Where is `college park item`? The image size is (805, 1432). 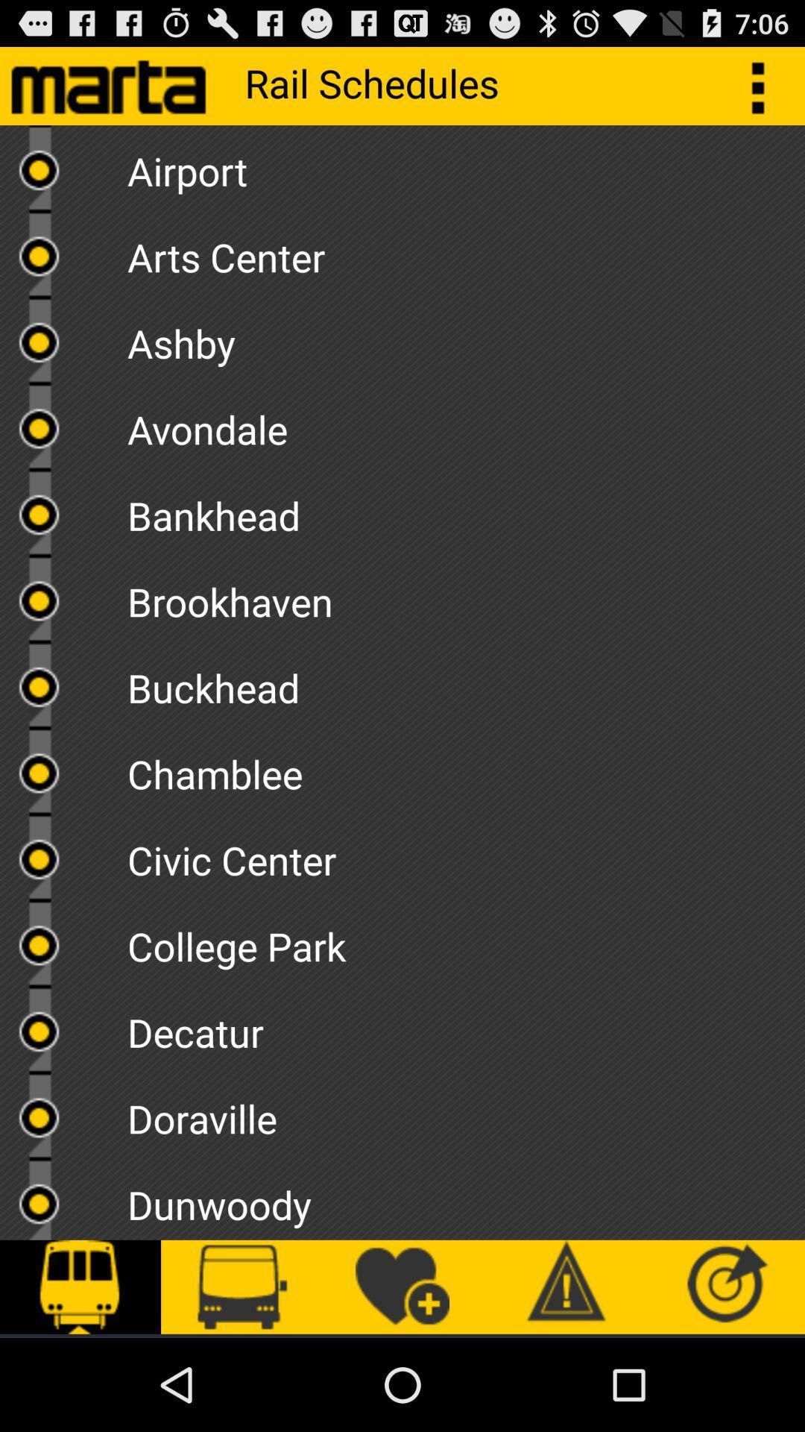 college park item is located at coordinates (465, 940).